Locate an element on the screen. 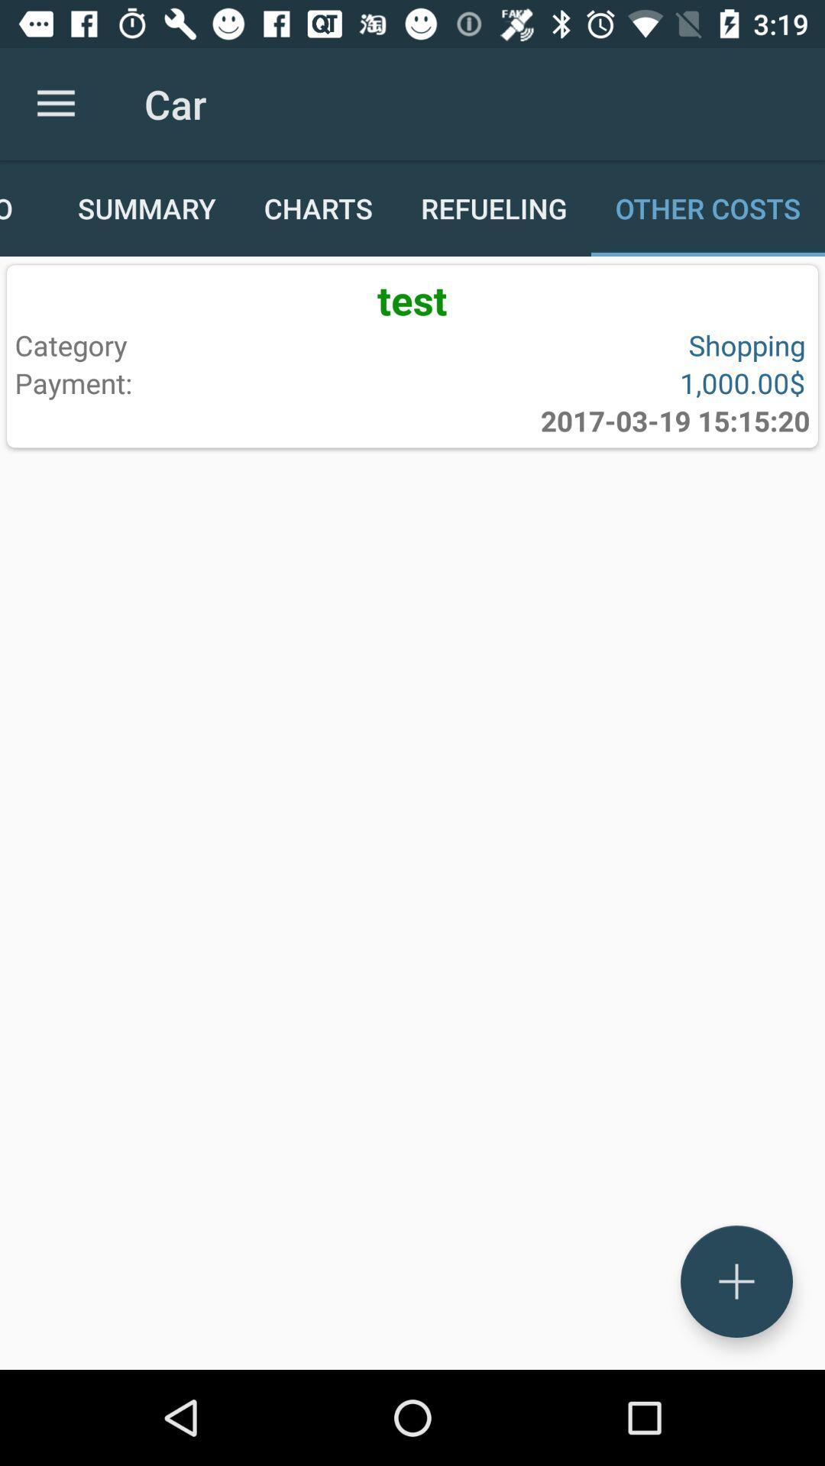  the icon above the 2017 03 19 item is located at coordinates (605, 383).